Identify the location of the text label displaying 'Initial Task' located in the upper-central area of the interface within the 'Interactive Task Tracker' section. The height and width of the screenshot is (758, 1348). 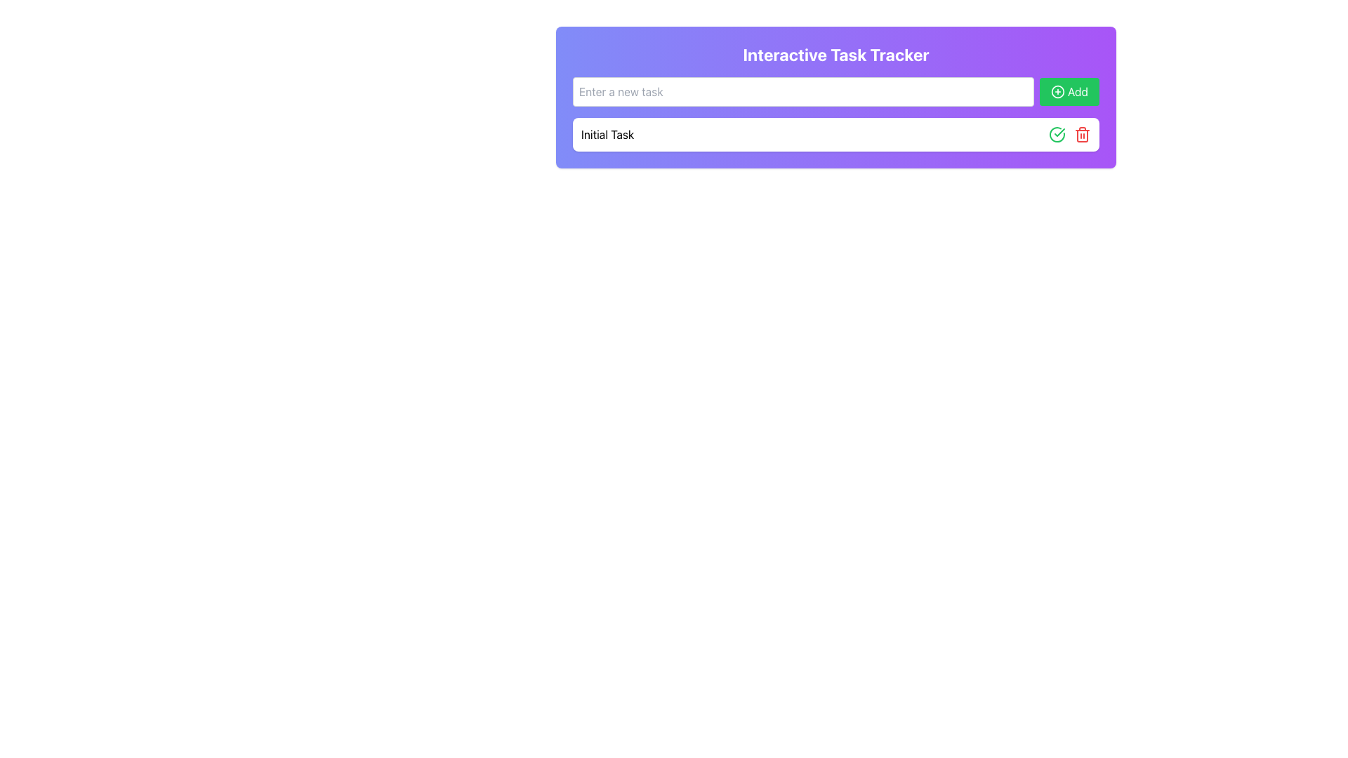
(607, 135).